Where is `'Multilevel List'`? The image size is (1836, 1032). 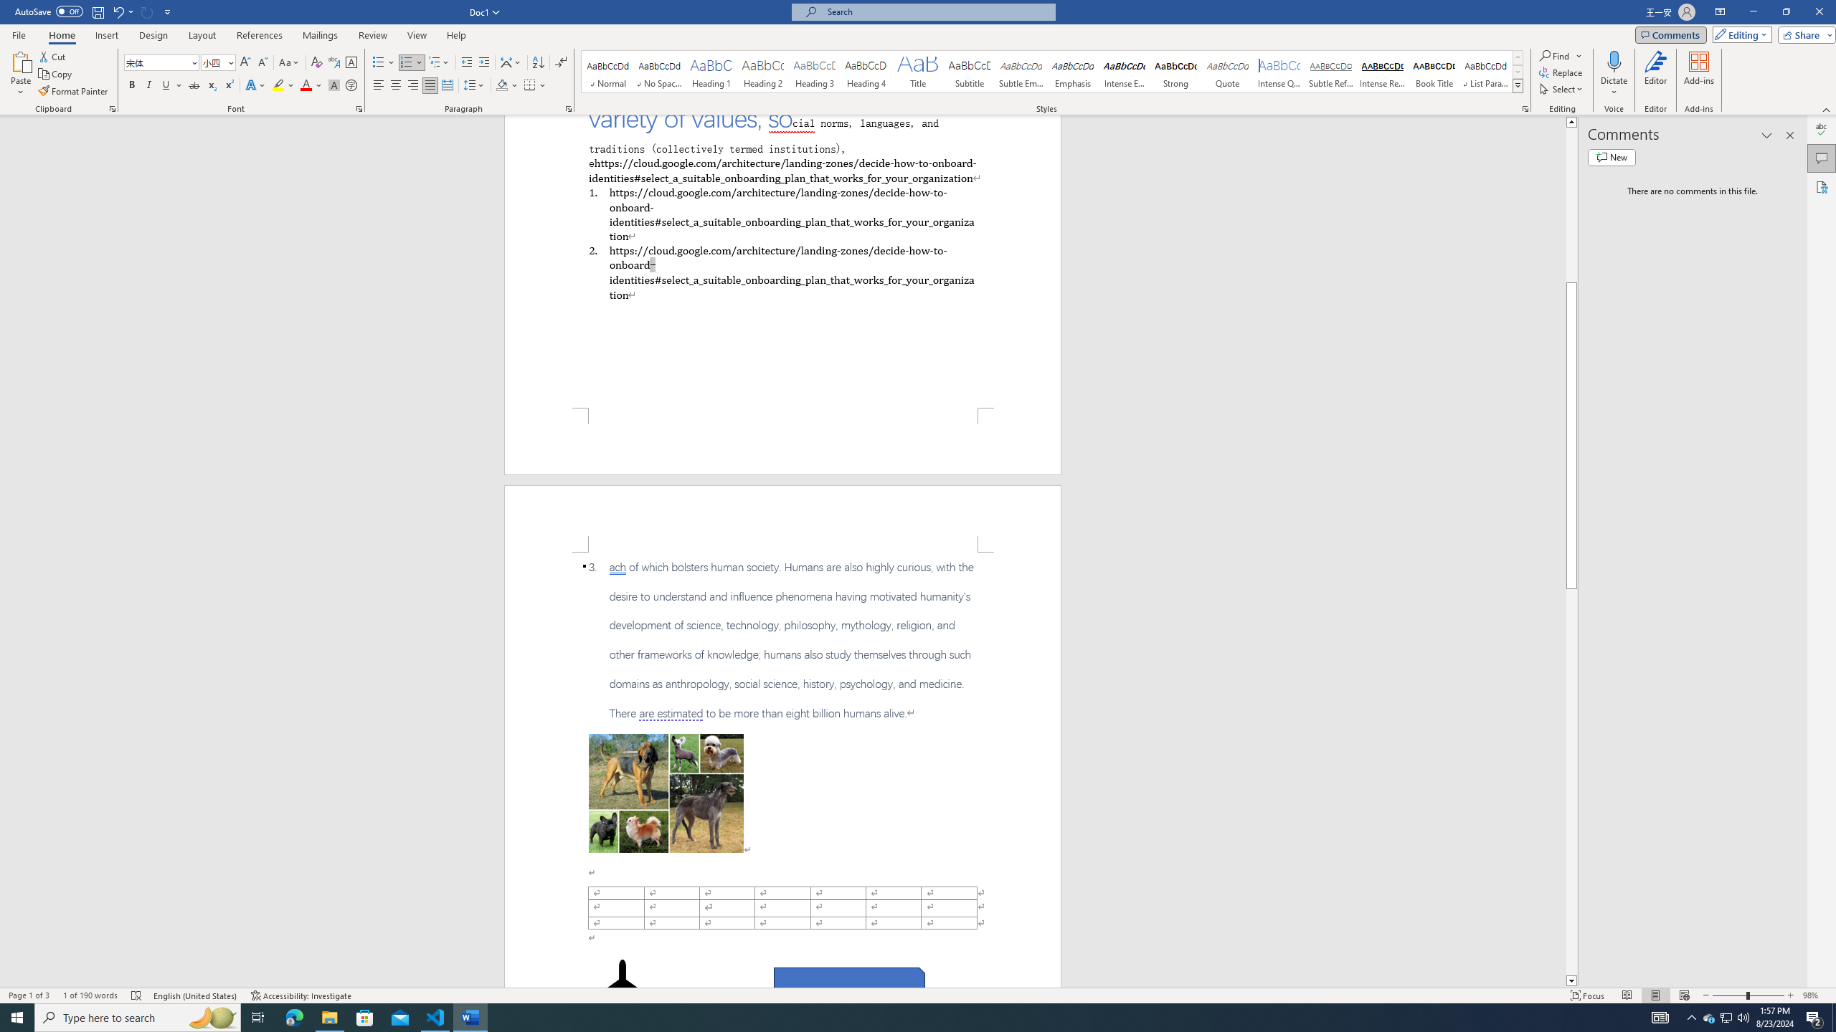 'Multilevel List' is located at coordinates (438, 62).